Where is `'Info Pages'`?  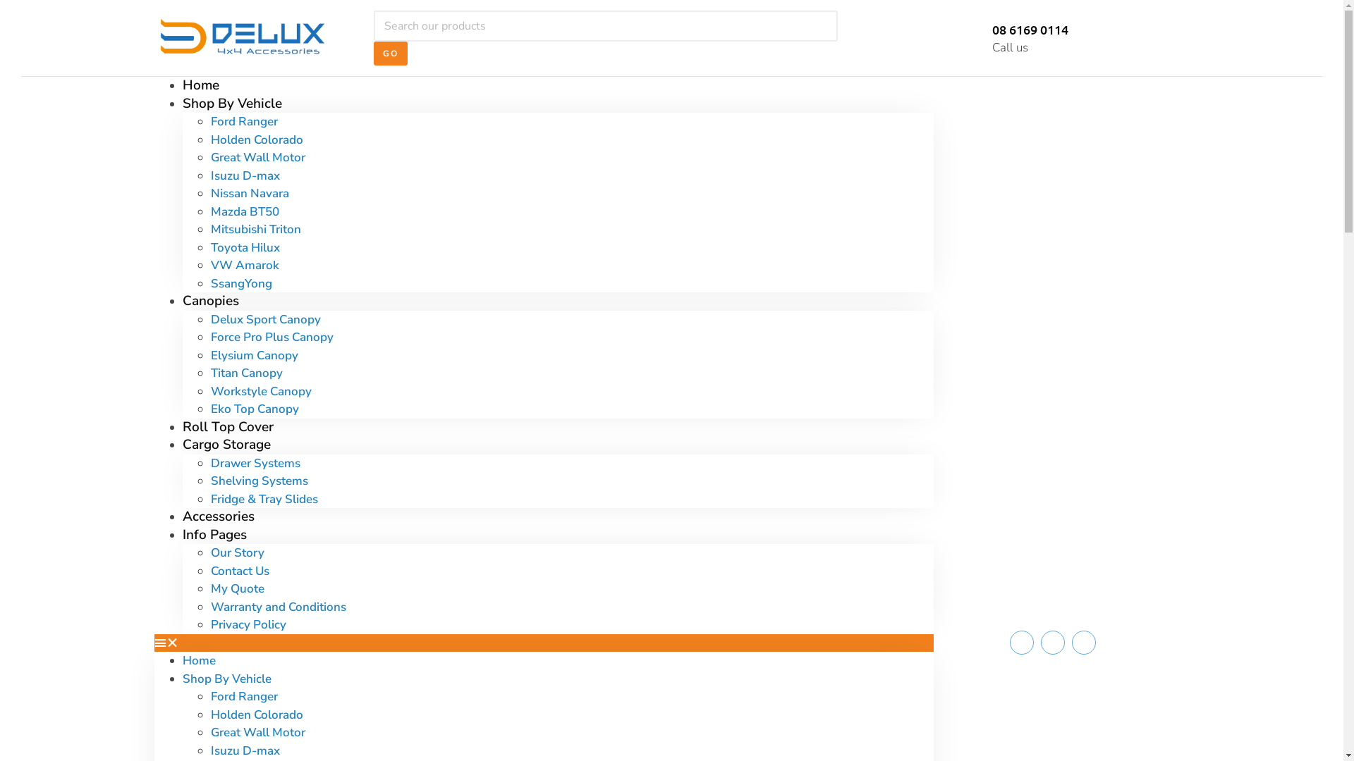
'Info Pages' is located at coordinates (213, 535).